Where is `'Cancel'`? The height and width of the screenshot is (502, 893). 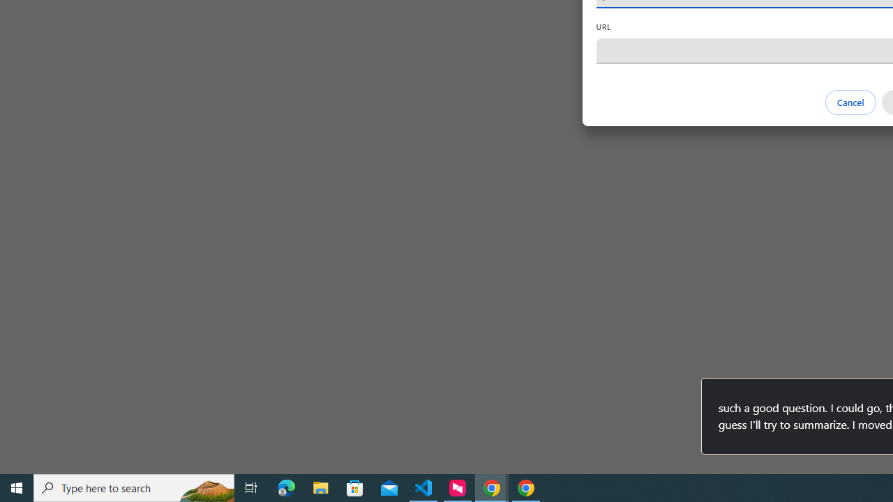
'Cancel' is located at coordinates (849, 101).